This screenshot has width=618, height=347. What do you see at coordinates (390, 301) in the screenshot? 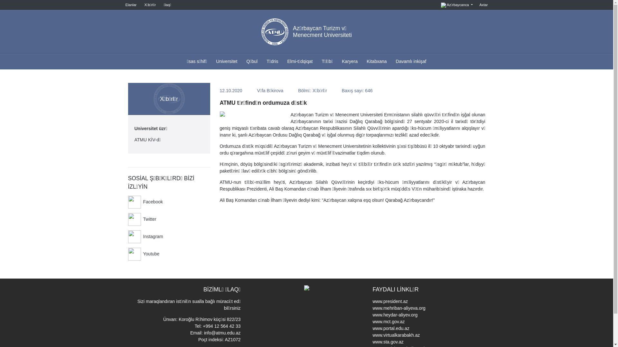
I see `'www.president.az'` at bounding box center [390, 301].